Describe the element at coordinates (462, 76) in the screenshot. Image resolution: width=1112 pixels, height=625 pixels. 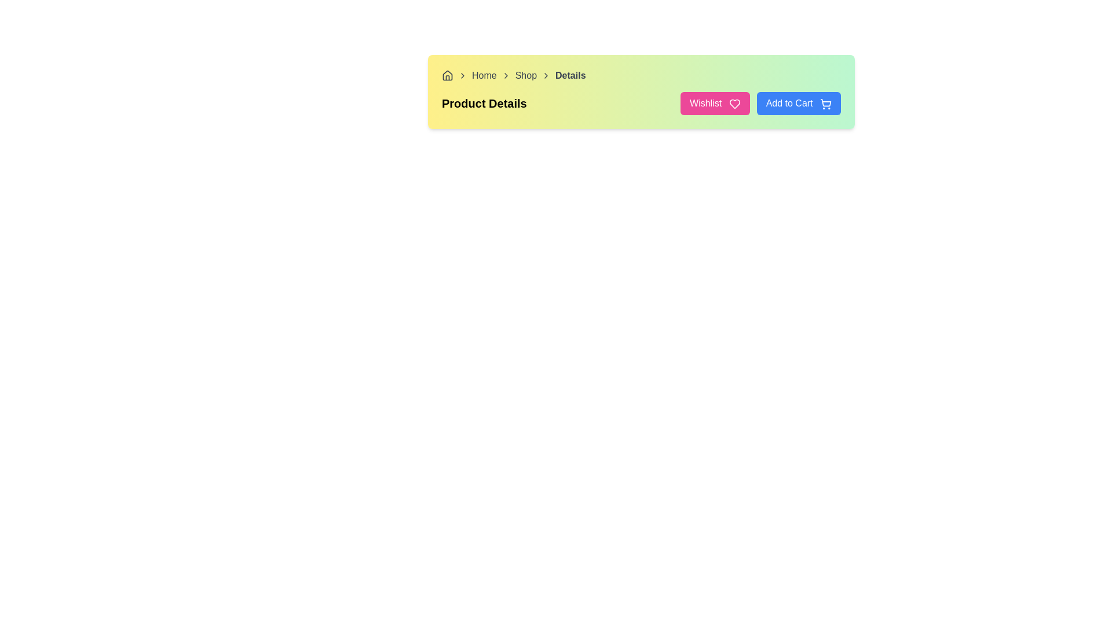
I see `the first right-pointing arrow in the breadcrumb navigation bar, which serves as a visual separator between the house icon and the 'Home' link` at that location.